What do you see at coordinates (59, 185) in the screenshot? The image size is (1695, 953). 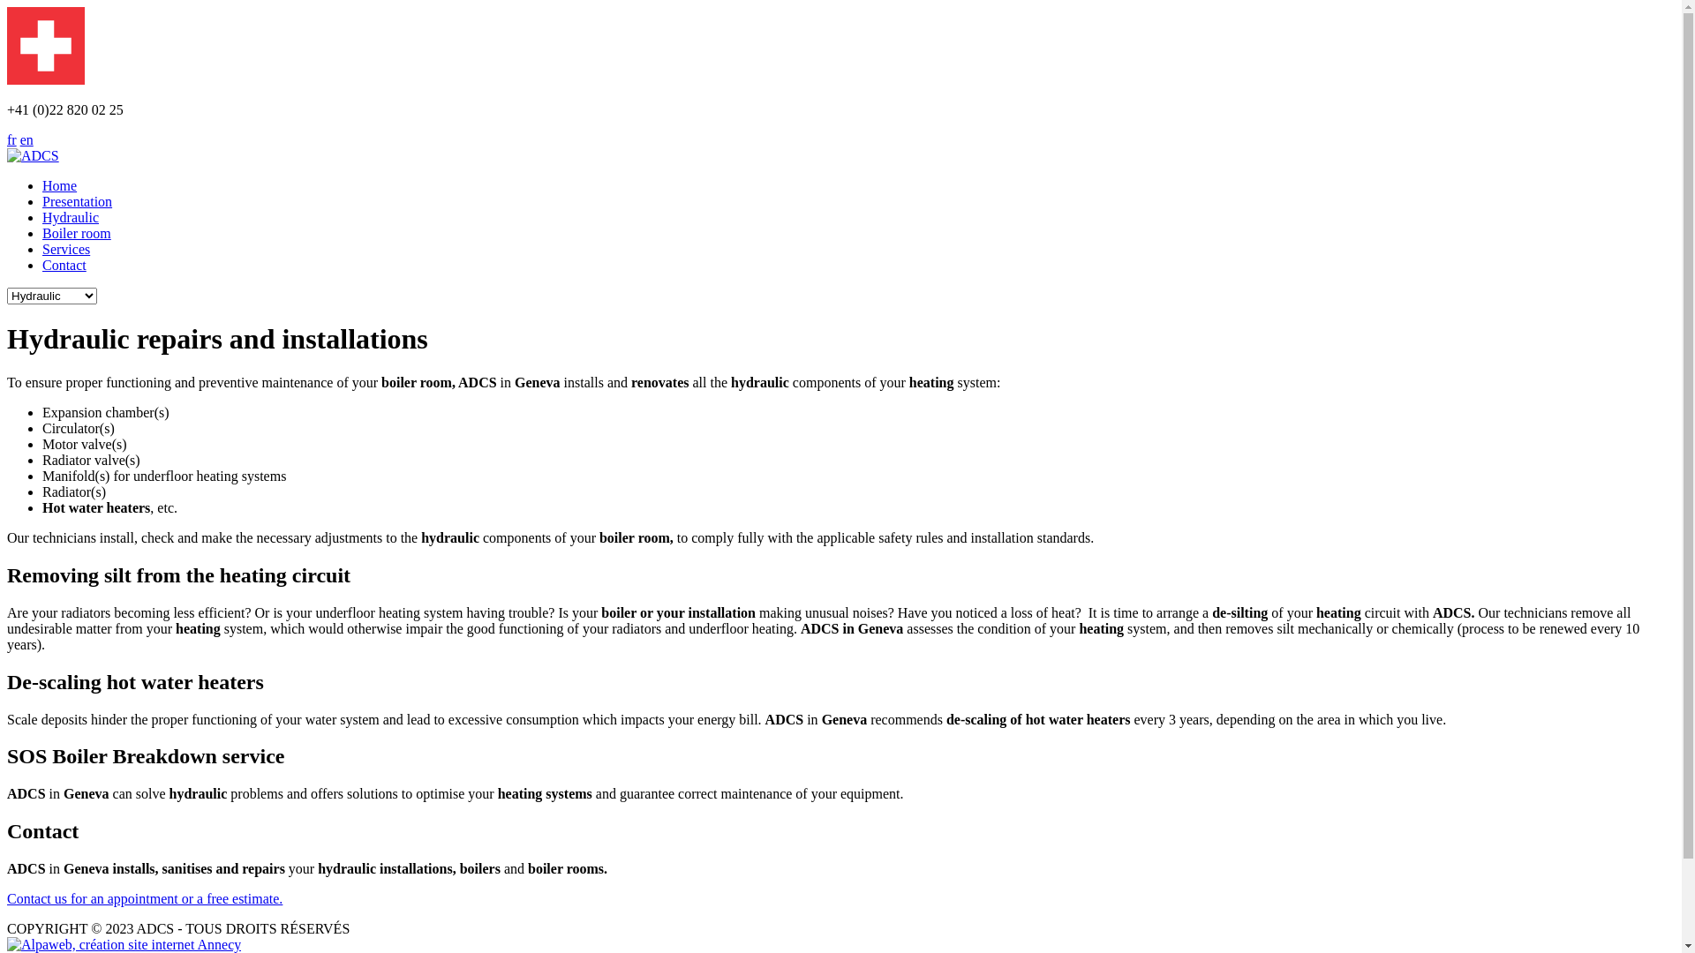 I see `'Home'` at bounding box center [59, 185].